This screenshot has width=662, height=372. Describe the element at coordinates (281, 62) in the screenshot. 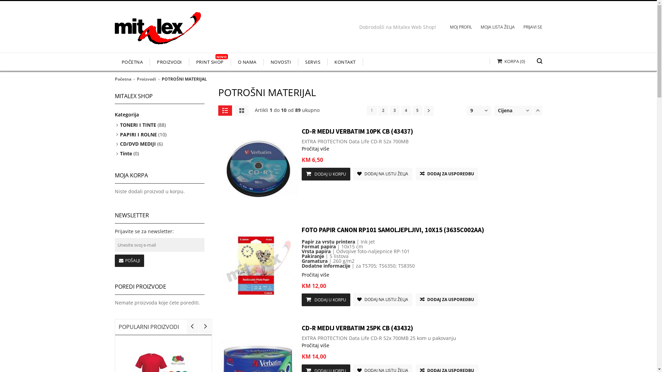

I see `'NOVOSTI'` at that location.